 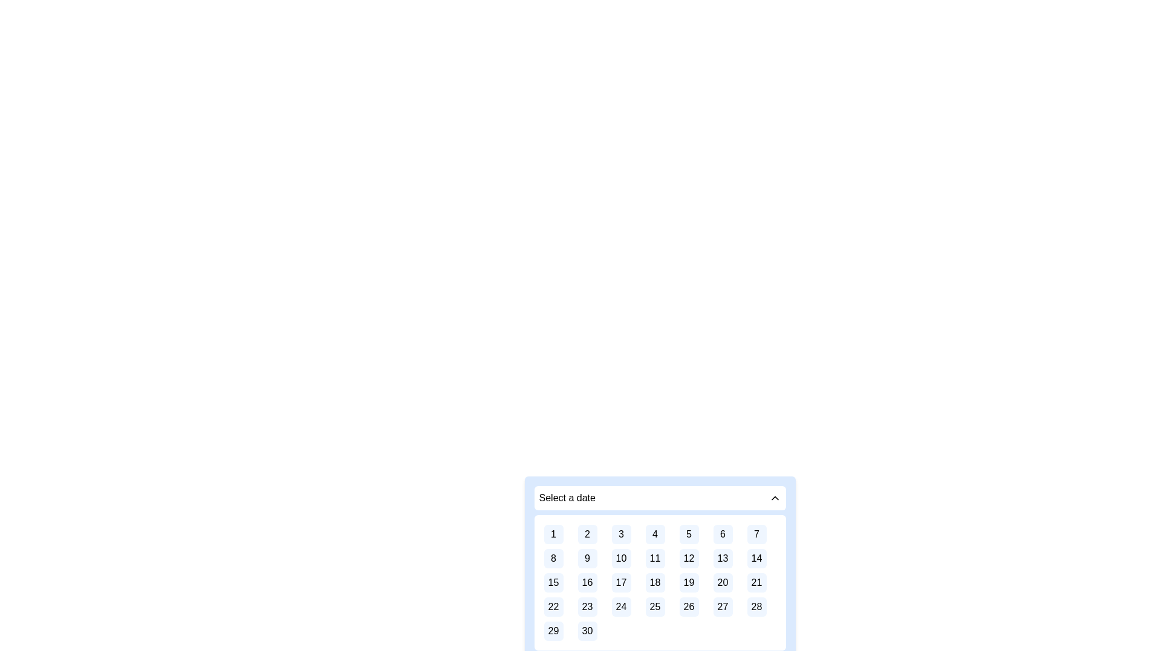 I want to click on the button displaying '19' in the date selection grid, so click(x=689, y=582).